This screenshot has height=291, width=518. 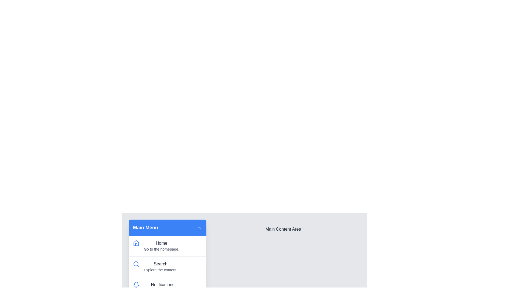 I want to click on the menu item Notifications to highlight it, so click(x=162, y=280).